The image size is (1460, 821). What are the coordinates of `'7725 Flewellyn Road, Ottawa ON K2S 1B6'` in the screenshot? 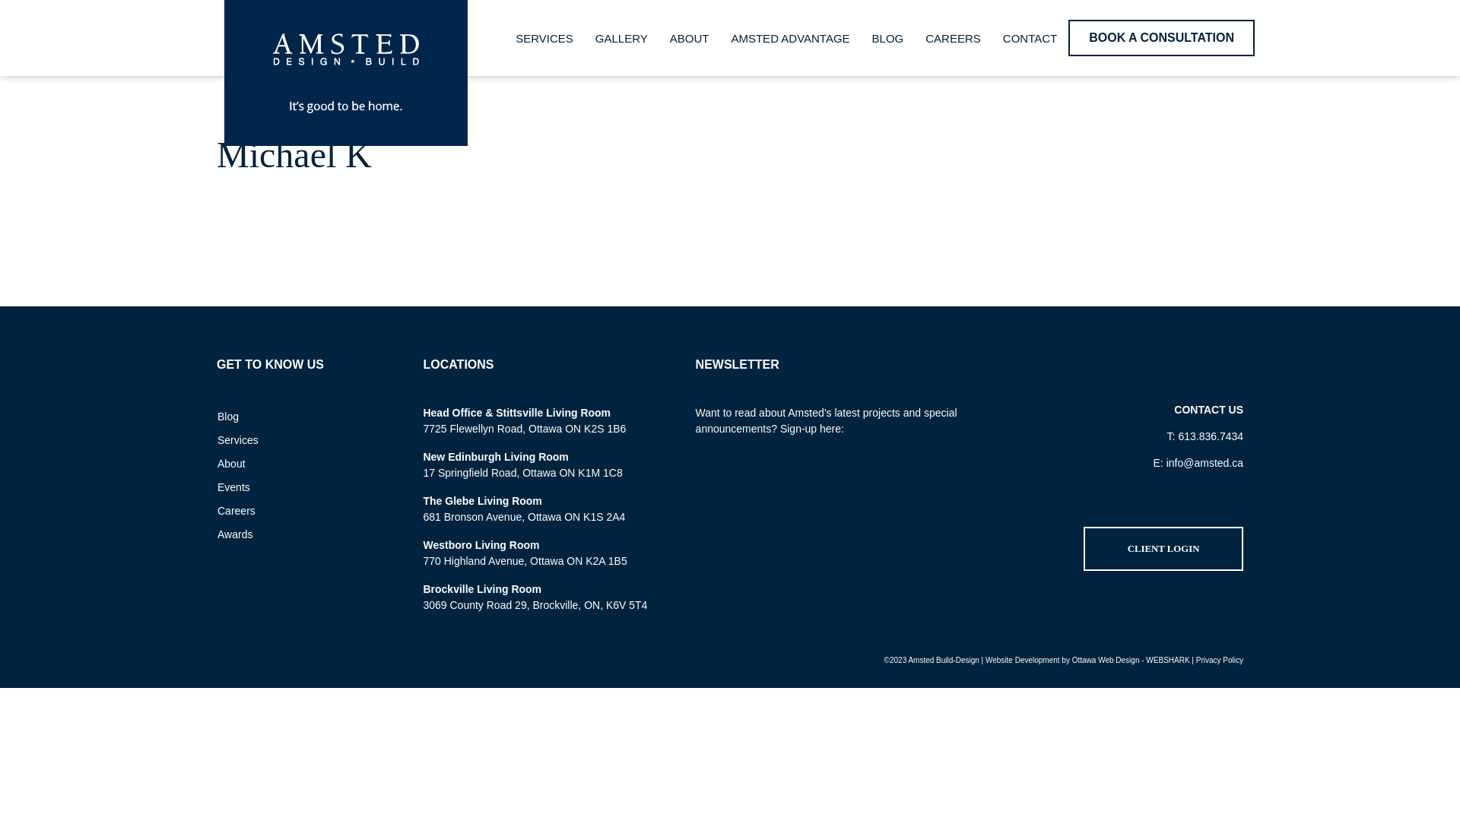 It's located at (423, 428).